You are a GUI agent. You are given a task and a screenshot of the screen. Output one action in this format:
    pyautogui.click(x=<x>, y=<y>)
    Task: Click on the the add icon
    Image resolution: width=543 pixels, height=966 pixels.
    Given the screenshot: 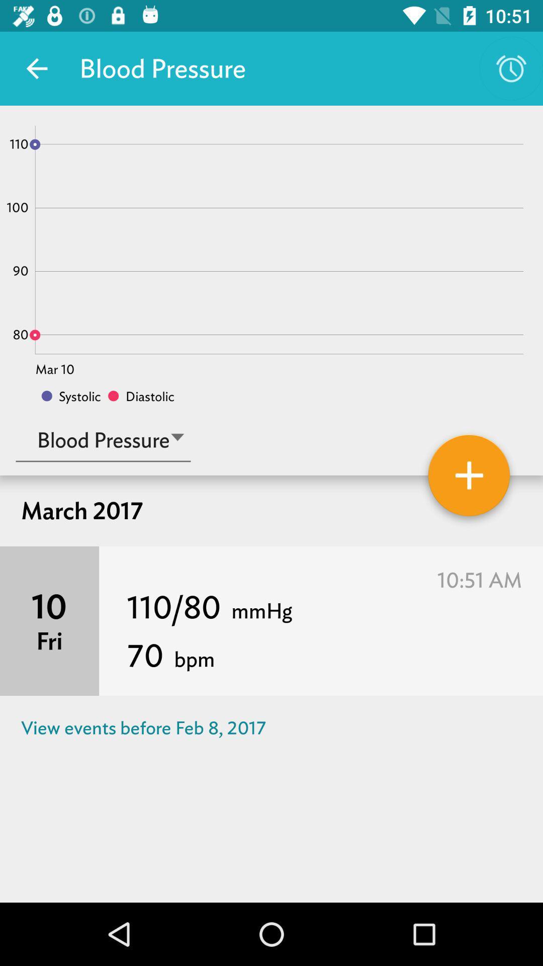 What is the action you would take?
    pyautogui.click(x=469, y=478)
    